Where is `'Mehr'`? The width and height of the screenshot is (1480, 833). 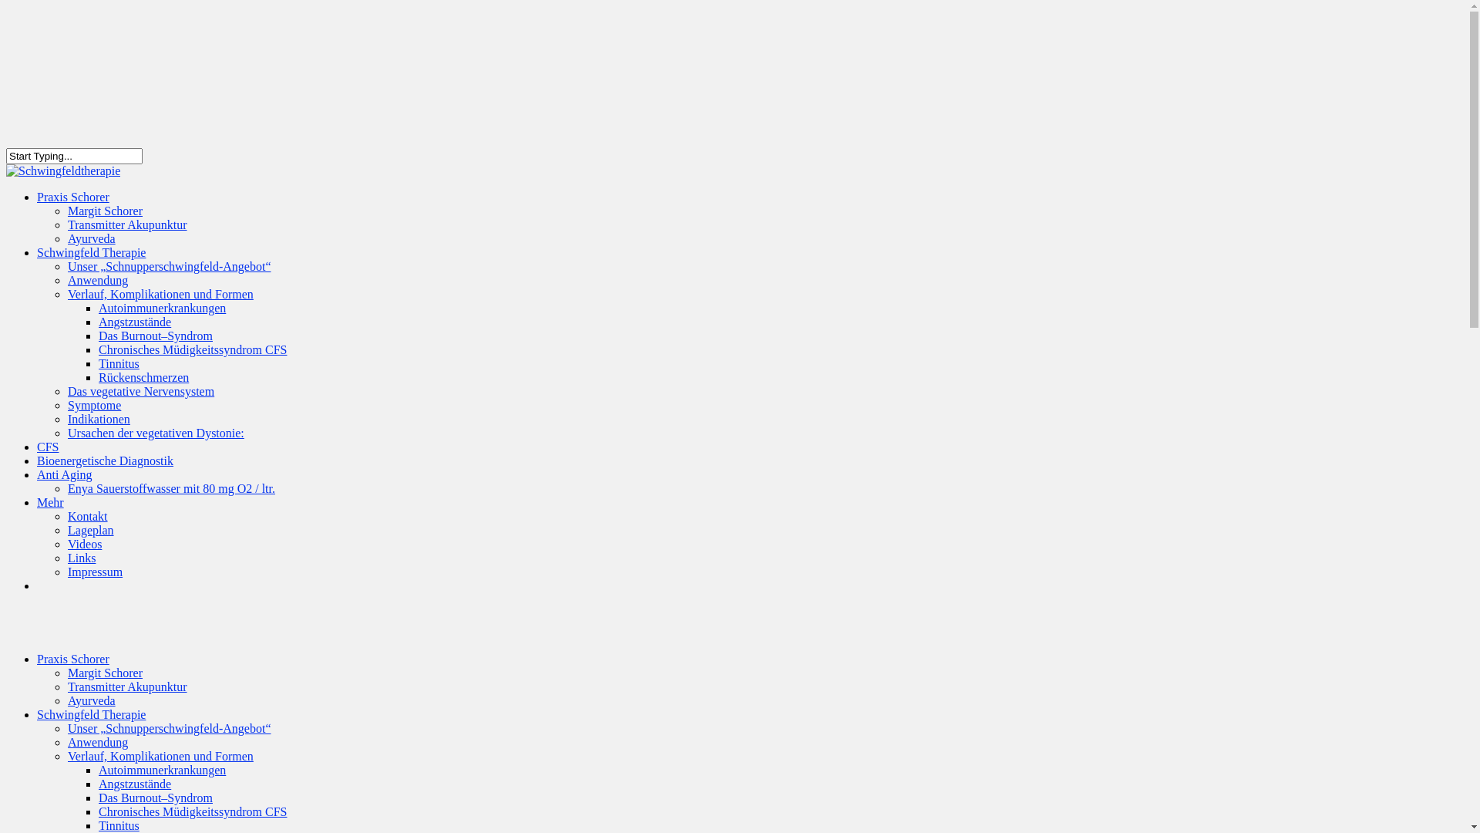
'Mehr' is located at coordinates (50, 513).